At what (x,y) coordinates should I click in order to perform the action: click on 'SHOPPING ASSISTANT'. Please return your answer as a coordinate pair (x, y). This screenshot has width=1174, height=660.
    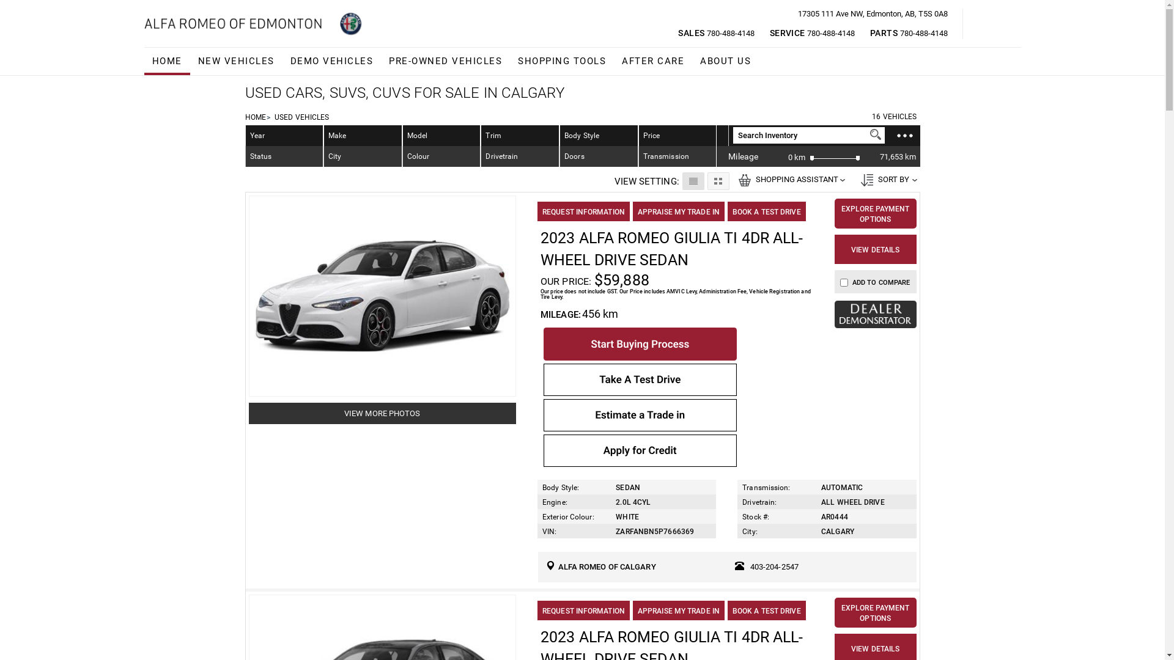
    Looking at the image, I should click on (789, 179).